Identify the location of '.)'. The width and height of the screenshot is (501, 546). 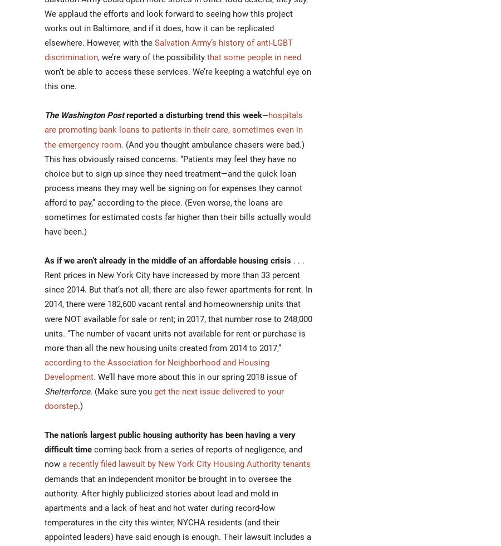
(78, 406).